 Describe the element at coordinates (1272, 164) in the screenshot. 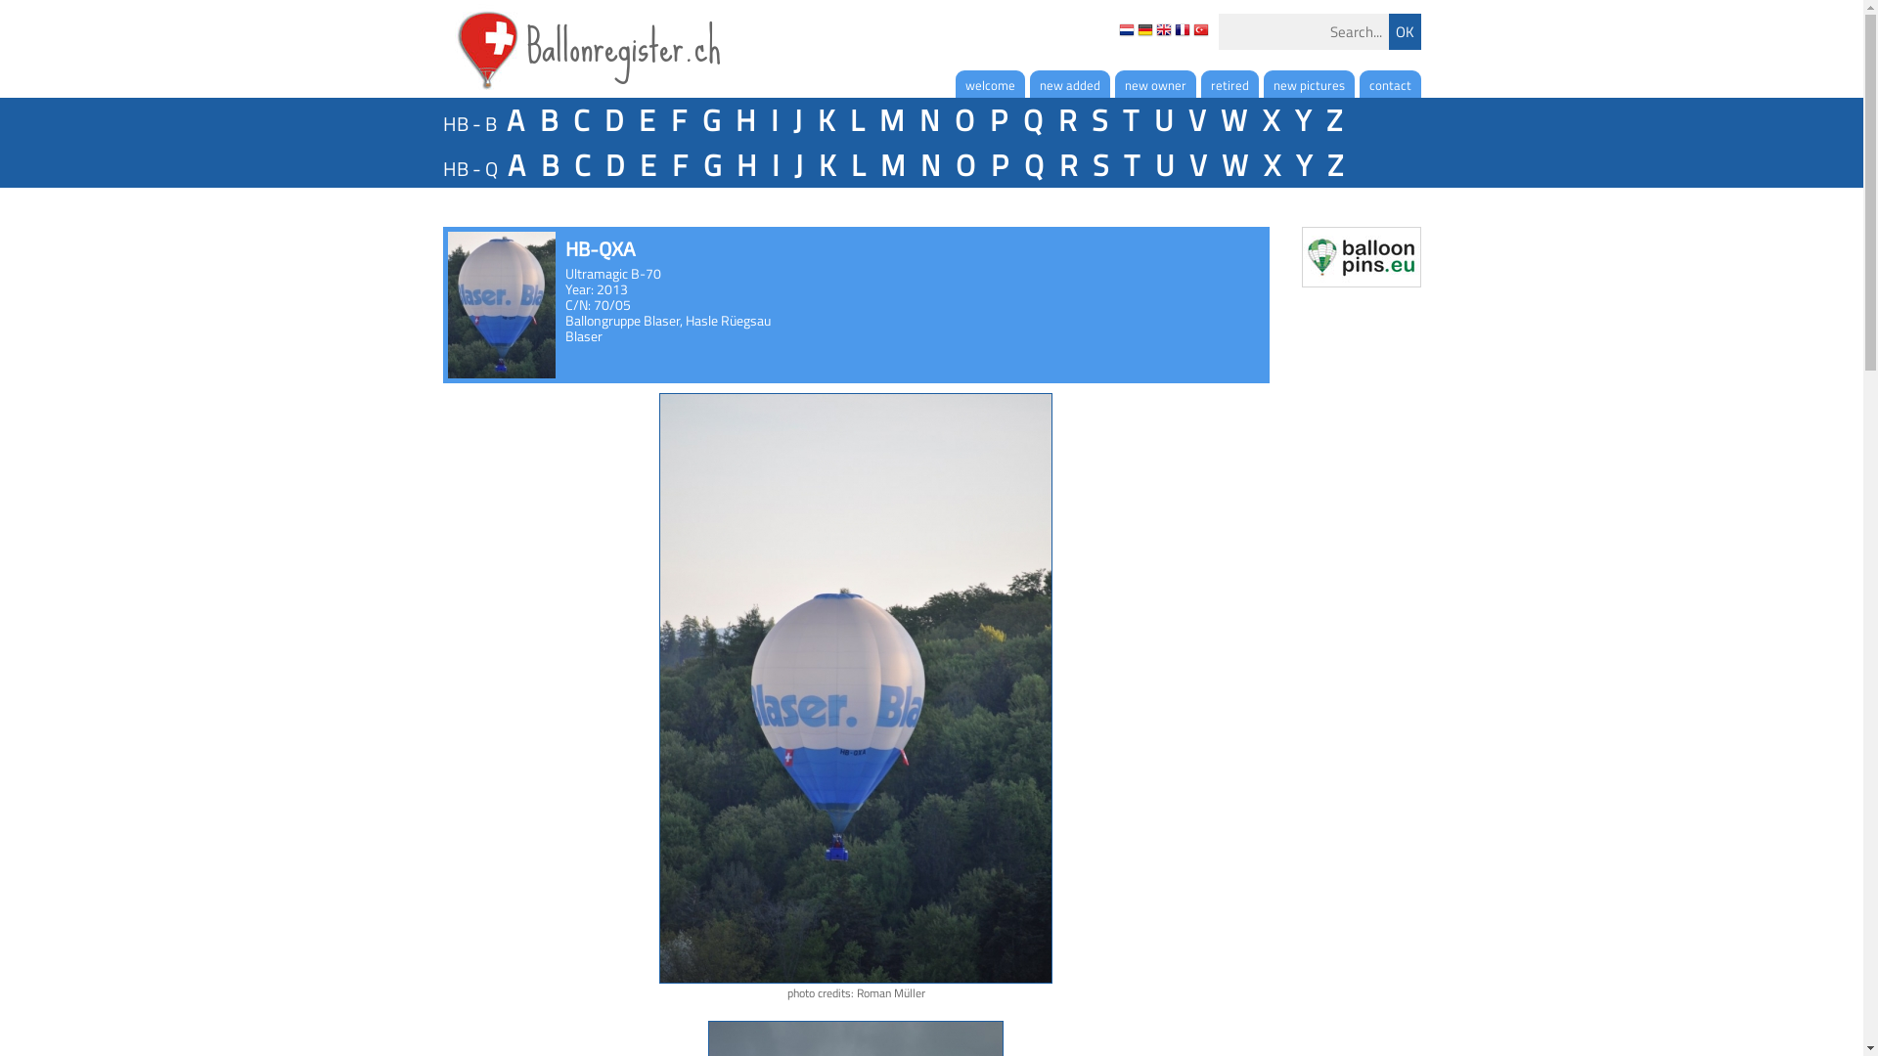

I see `'X'` at that location.